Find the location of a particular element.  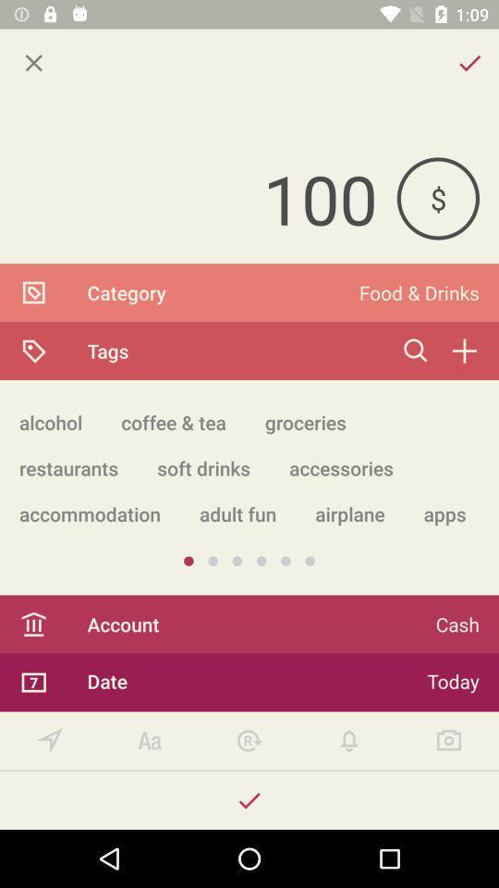

icon above the accommodation is located at coordinates (202, 467).